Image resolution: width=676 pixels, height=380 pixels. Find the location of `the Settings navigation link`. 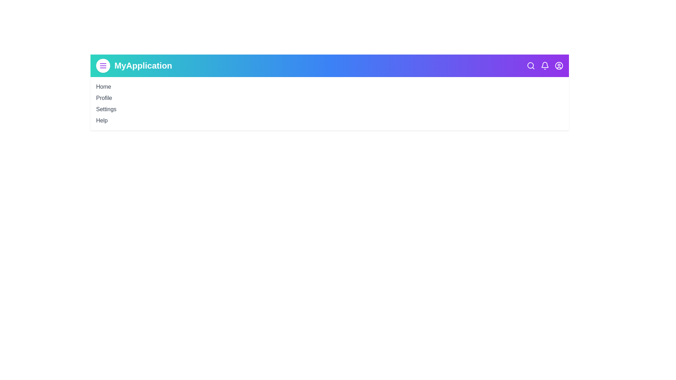

the Settings navigation link is located at coordinates (106, 109).